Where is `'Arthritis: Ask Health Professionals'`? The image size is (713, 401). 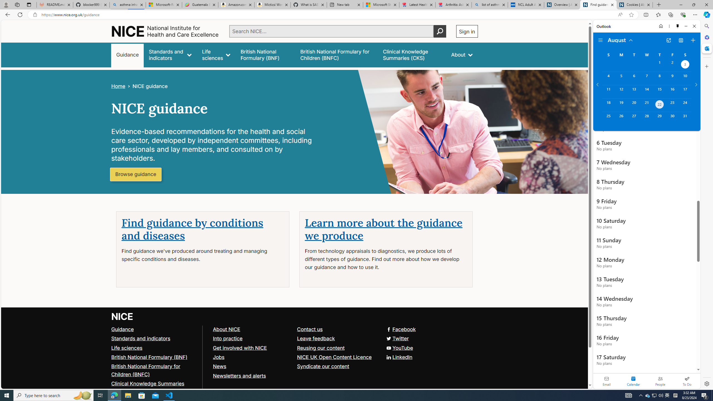
'Arthritis: Ask Health Professionals' is located at coordinates (453, 4).